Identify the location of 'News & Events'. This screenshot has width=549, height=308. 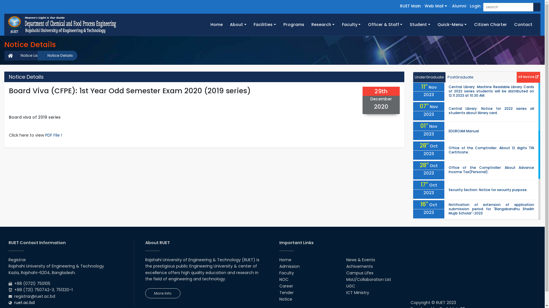
(360, 260).